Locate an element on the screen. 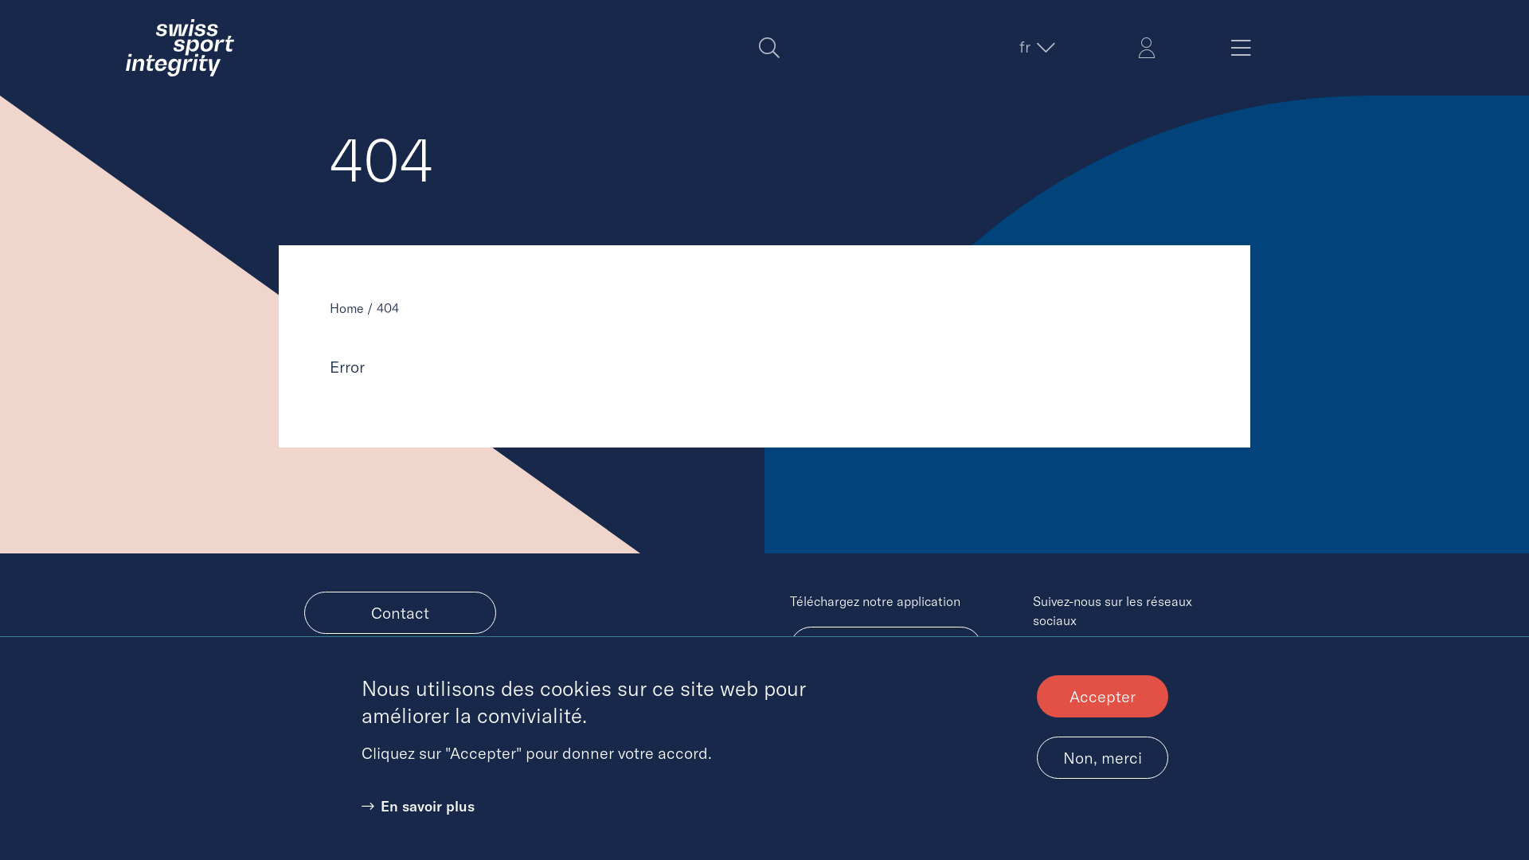 The width and height of the screenshot is (1529, 860). 'Home' is located at coordinates (346, 307).